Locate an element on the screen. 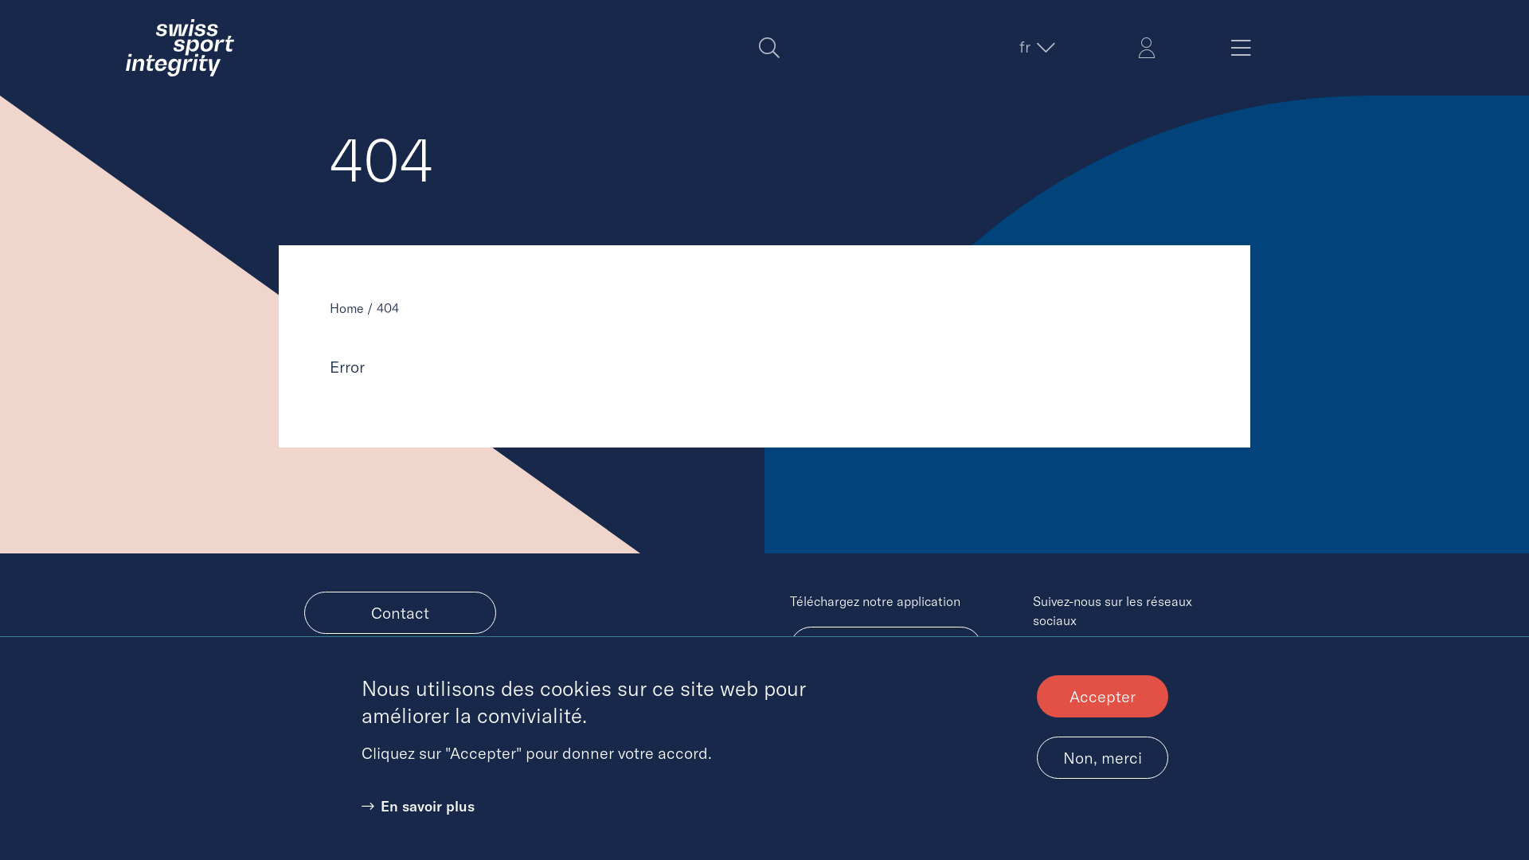 The width and height of the screenshot is (1529, 860). 'Home' is located at coordinates (346, 307).